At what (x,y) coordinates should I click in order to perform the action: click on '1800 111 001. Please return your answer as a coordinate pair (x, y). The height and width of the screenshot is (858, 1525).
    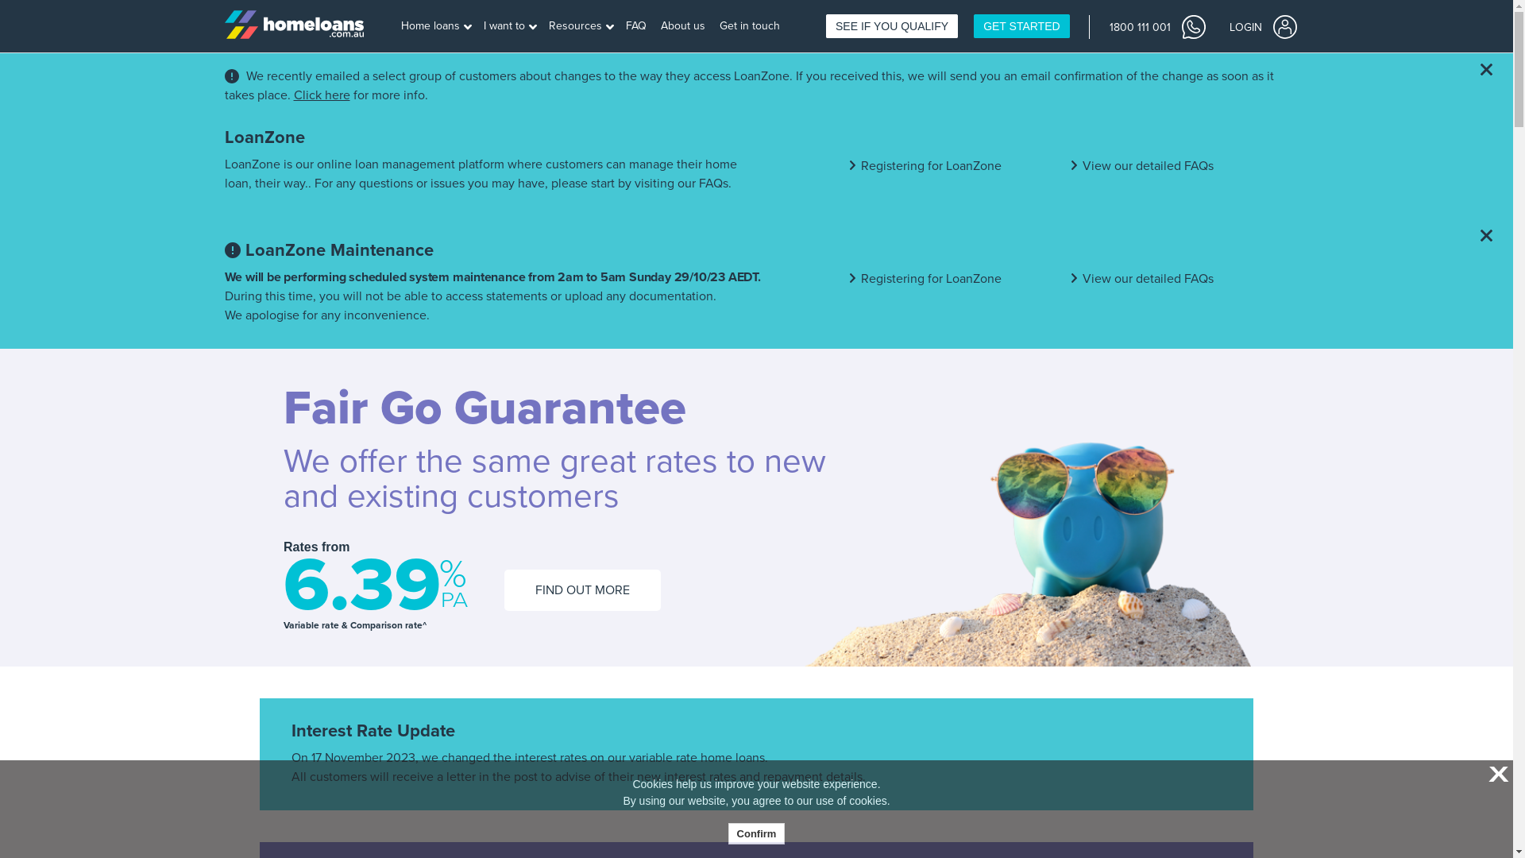
    Looking at the image, I should click on (1156, 26).